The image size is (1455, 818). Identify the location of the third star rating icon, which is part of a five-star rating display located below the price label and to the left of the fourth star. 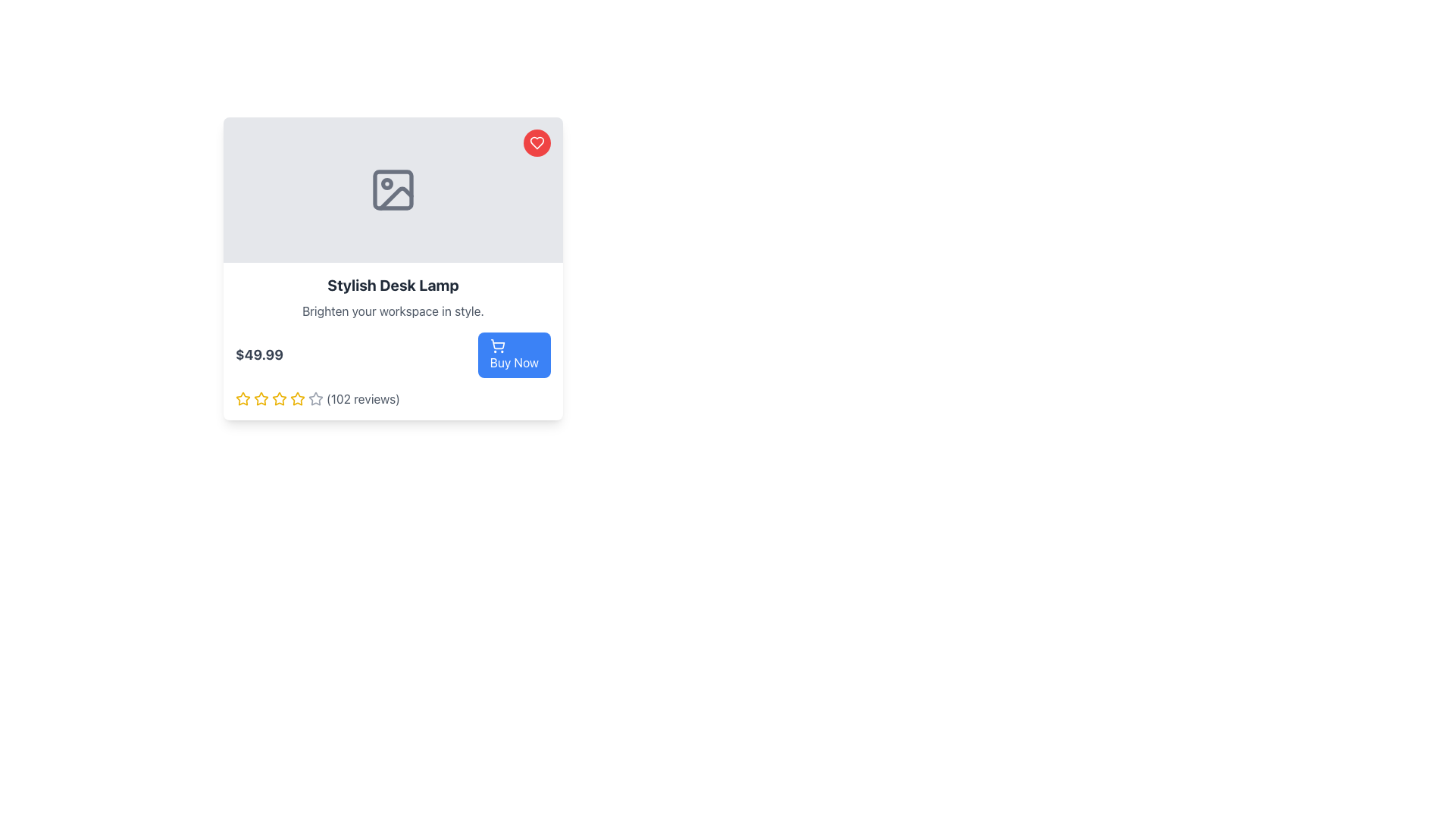
(261, 398).